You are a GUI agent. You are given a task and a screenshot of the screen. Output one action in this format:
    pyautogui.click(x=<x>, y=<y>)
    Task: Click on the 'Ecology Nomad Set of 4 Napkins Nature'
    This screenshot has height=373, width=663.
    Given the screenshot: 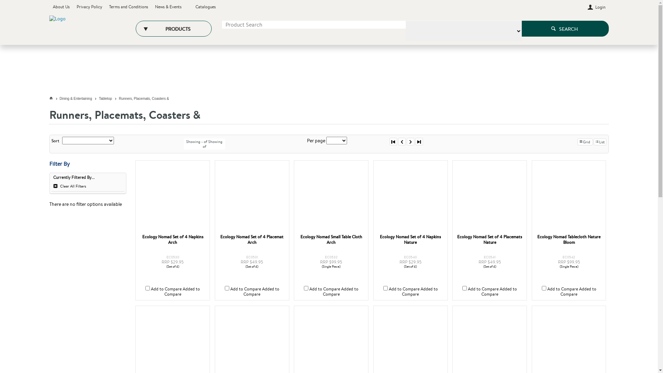 What is the action you would take?
    pyautogui.click(x=410, y=239)
    